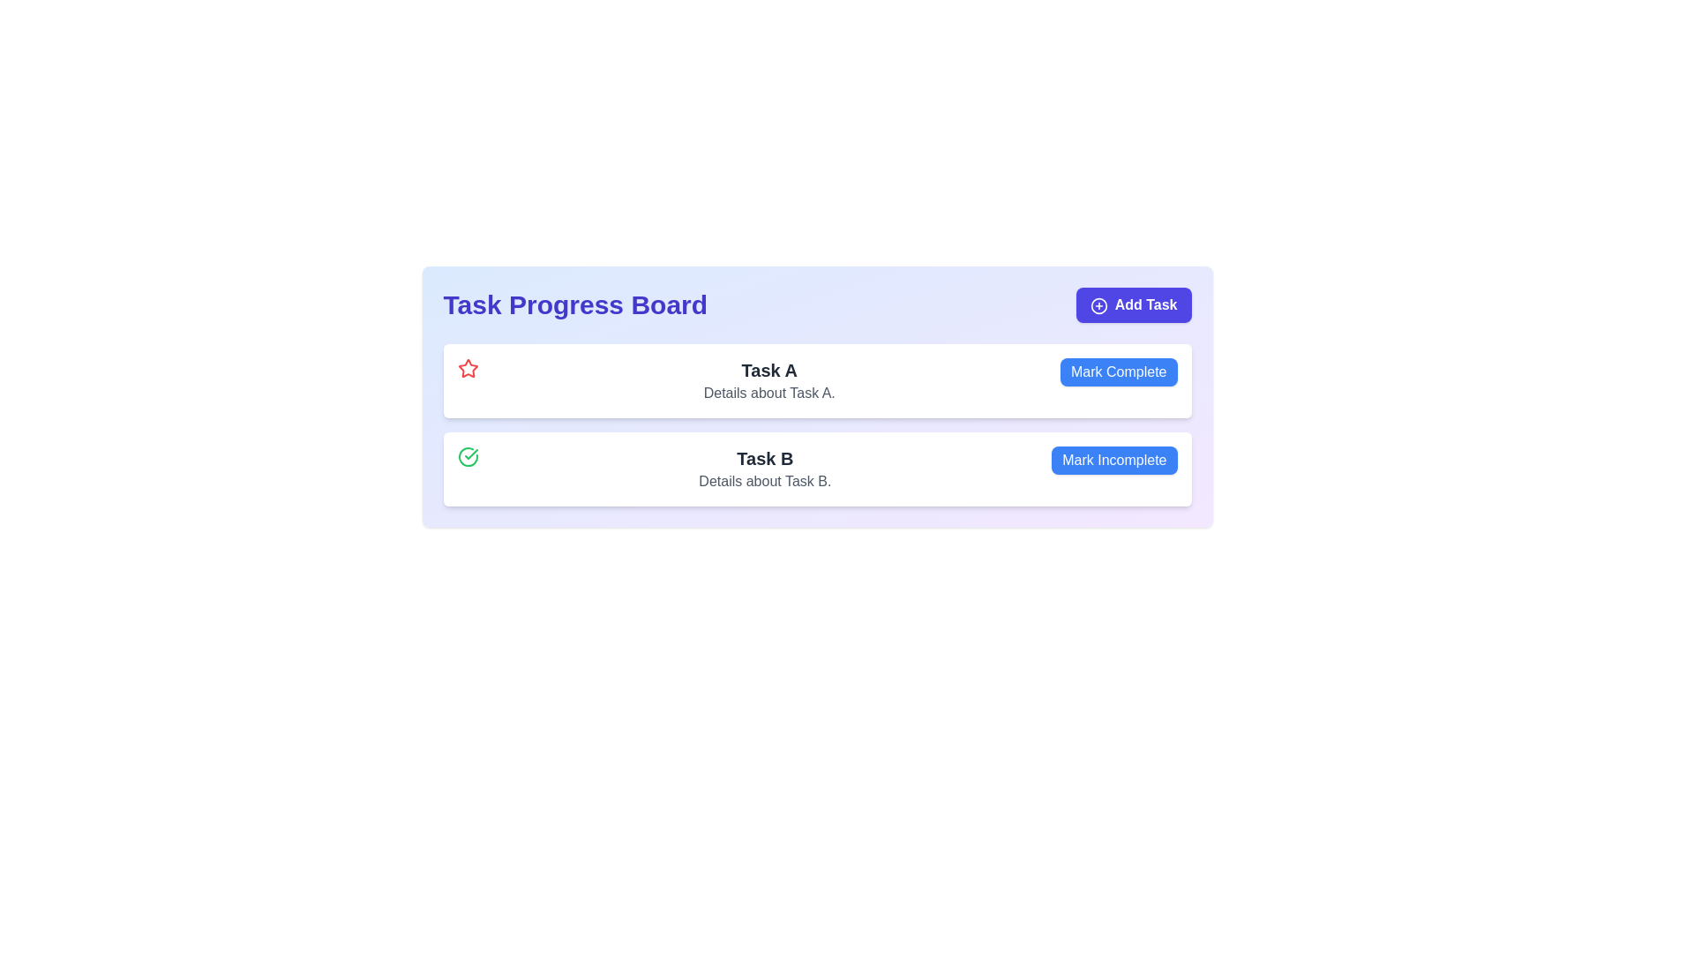 This screenshot has width=1694, height=953. What do you see at coordinates (1098, 304) in the screenshot?
I see `the circular icon with a plus sign located to the left of the 'Add Task' text in the top-right corner of the task board interface` at bounding box center [1098, 304].